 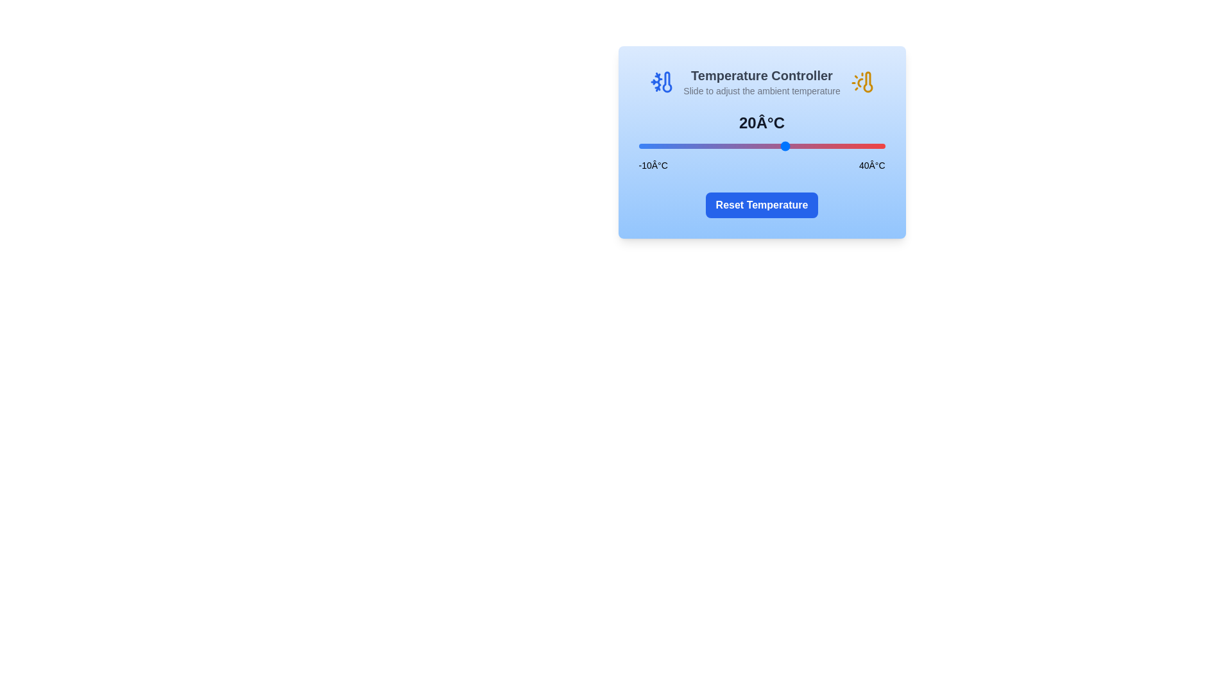 I want to click on the reset button located at the bottom center of the temperature controller card to reset the temperature to its default value, so click(x=762, y=205).